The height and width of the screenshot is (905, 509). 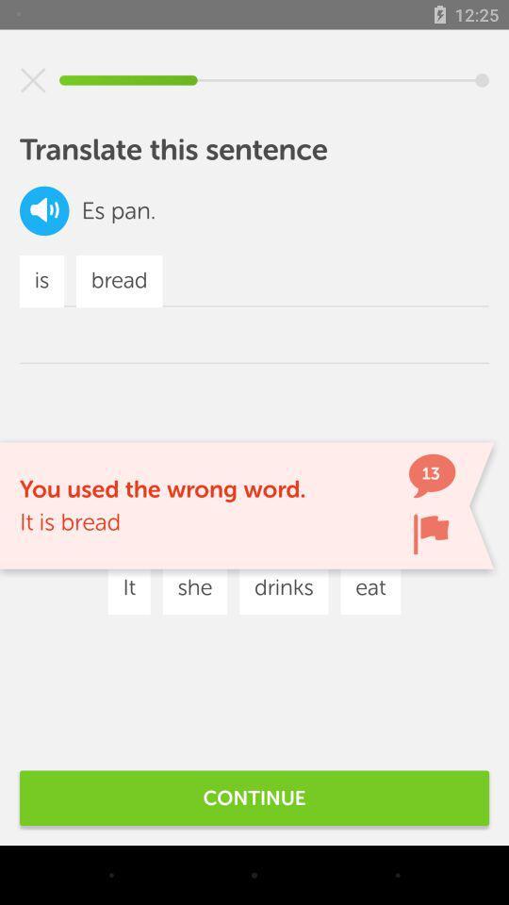 I want to click on flag this entry, so click(x=431, y=534).